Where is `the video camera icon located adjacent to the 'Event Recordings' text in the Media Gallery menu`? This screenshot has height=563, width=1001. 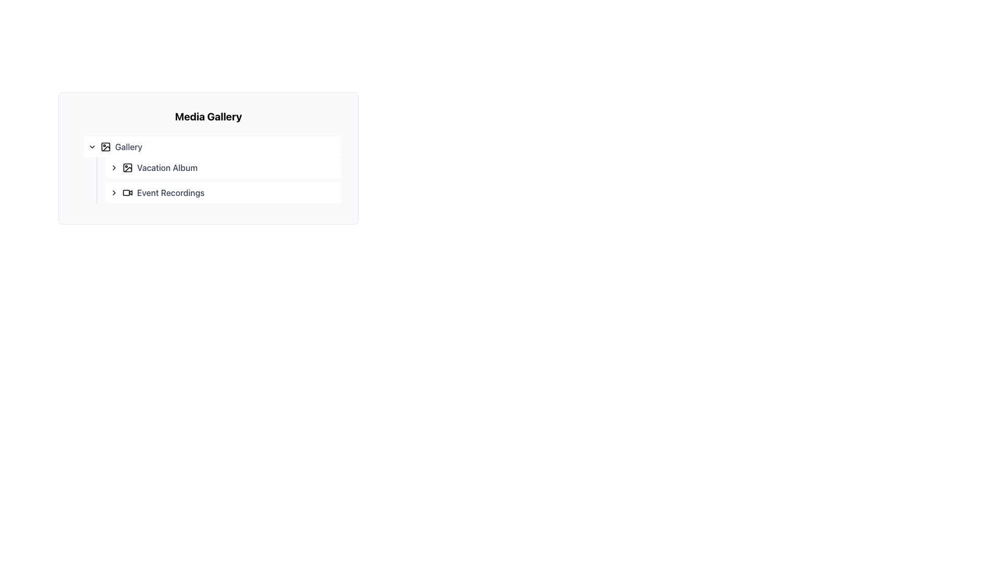 the video camera icon located adjacent to the 'Event Recordings' text in the Media Gallery menu is located at coordinates (127, 193).